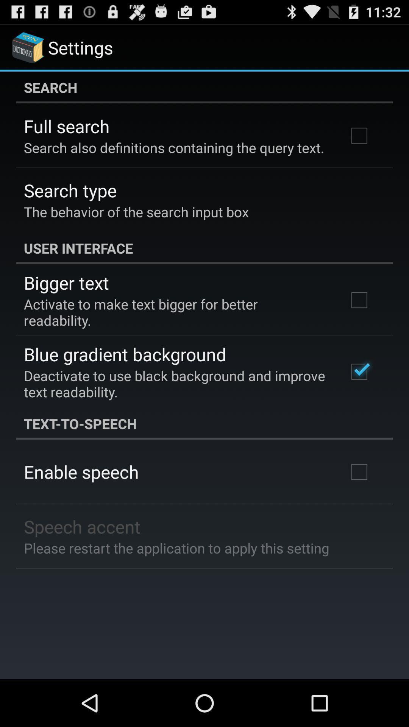  Describe the element at coordinates (136, 212) in the screenshot. I see `icon above the user interface` at that location.